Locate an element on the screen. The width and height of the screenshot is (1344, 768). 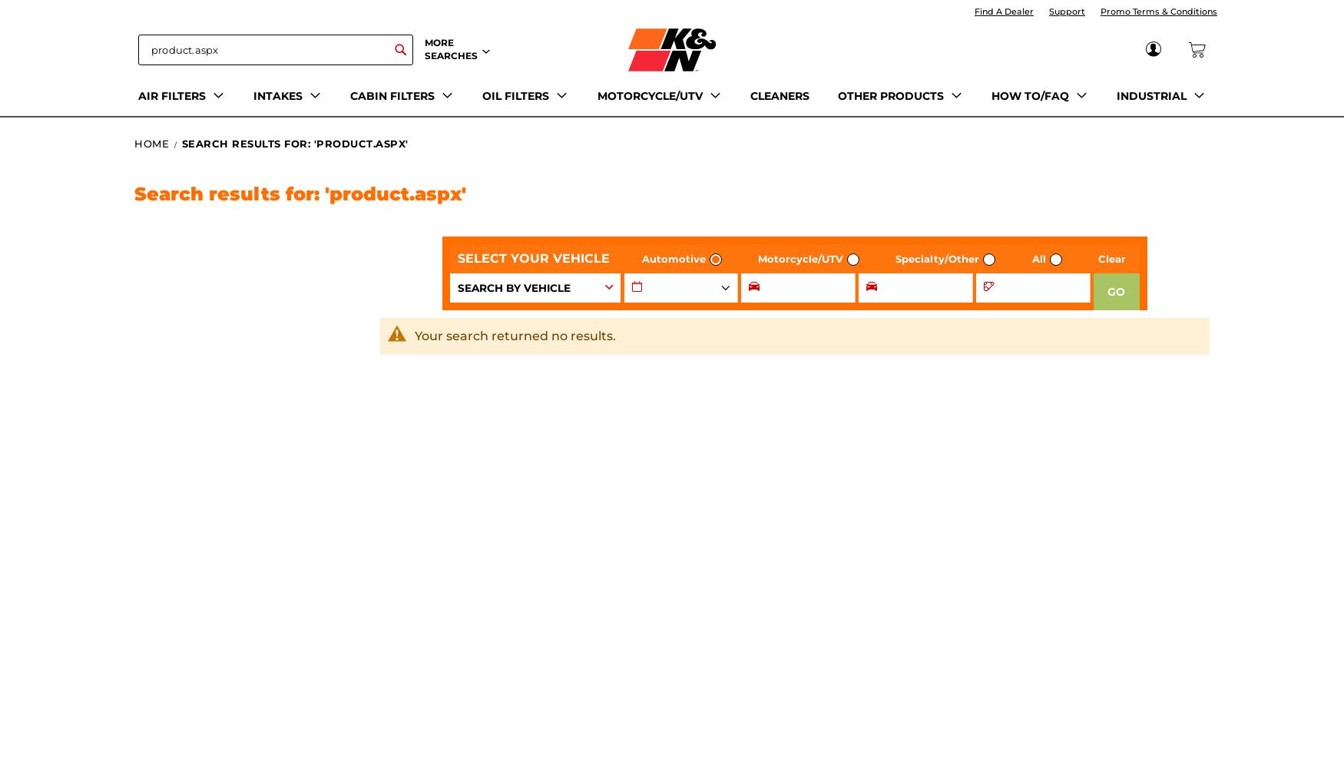
'More Searches' is located at coordinates (451, 48).